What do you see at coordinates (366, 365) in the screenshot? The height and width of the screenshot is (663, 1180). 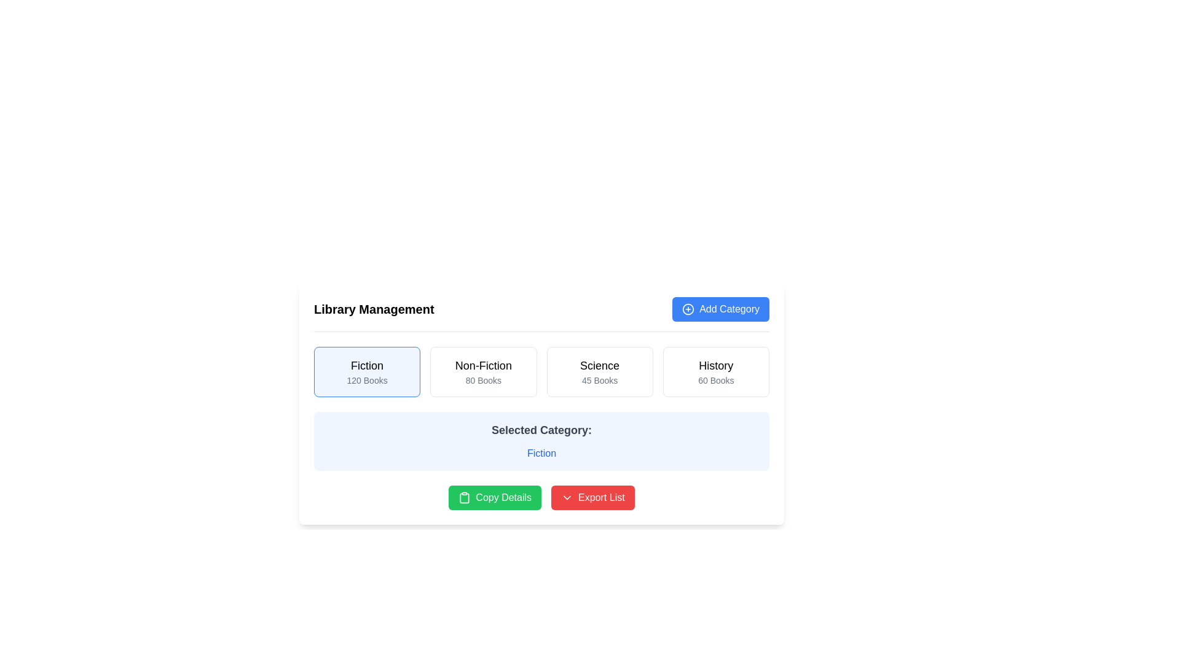 I see `the 'Fiction' label, which is centrally aligned in a light blue block with a rounded border, displaying the text in medium font weight and larger size` at bounding box center [366, 365].